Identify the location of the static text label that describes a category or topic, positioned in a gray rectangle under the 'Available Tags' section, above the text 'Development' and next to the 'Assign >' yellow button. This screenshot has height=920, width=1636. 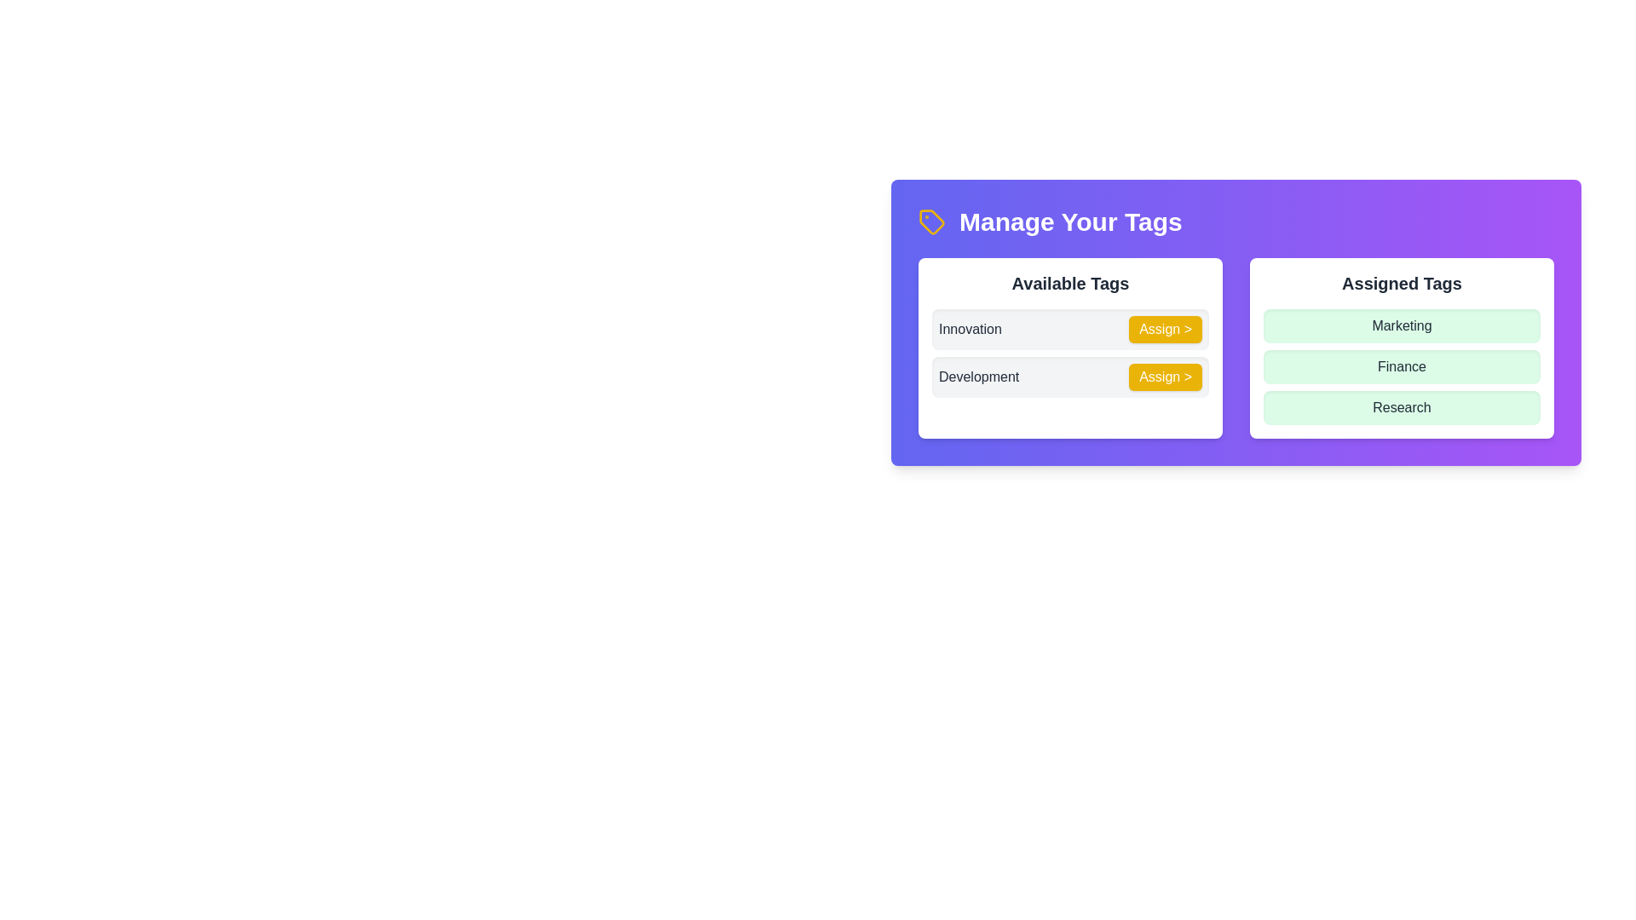
(970, 329).